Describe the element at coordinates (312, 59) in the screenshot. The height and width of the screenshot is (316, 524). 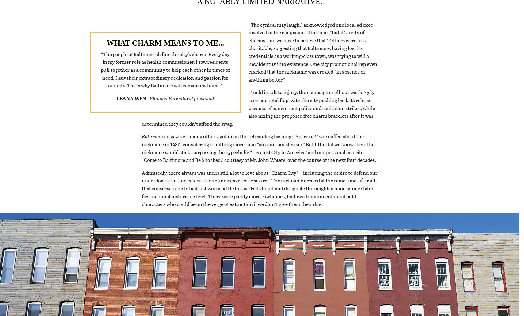
I see `'“The cynical may laugh,” acknowledged one local ad exec involved in the campaign at the time, “but it’s a city of charms, and we have to believe that.” Others were less charitable, suggesting that Baltimore, having lost its credentials as a working-class town, was trying to will a new identity into existence. One city promotional rep even cracked that the nickname was created “in absence of anything better.”'` at that location.